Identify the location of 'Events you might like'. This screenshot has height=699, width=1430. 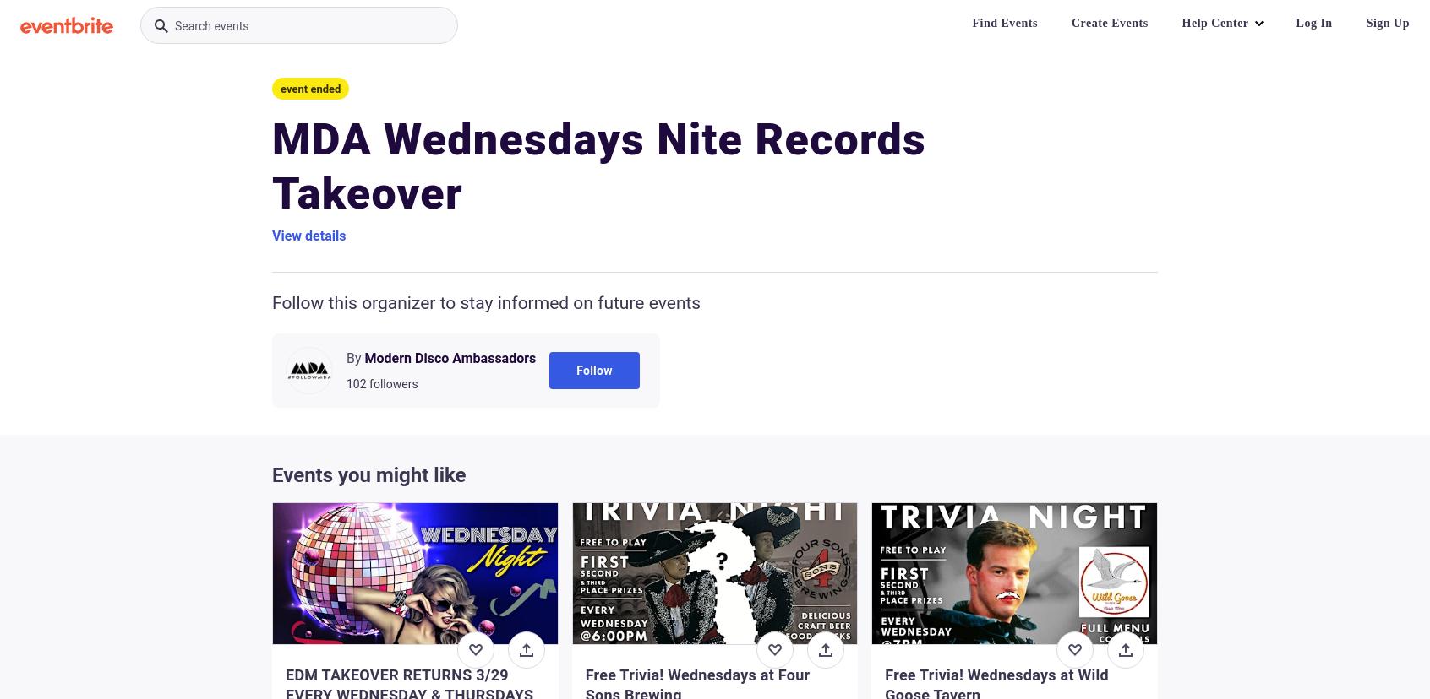
(368, 475).